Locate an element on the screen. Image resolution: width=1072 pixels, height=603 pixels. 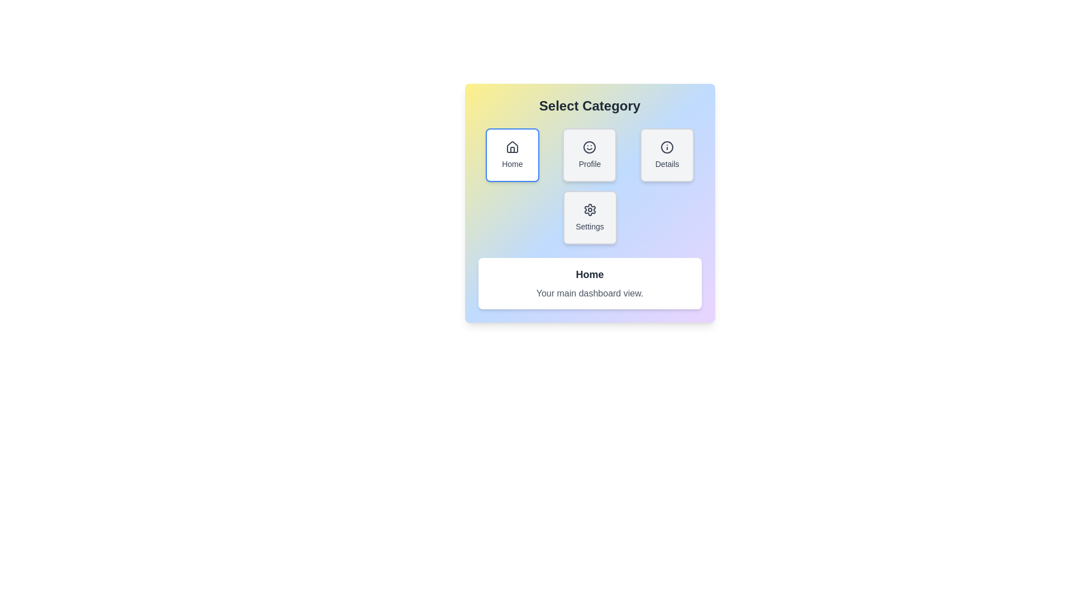
the interactive button-like card labeled 'Settings' located as the fourth item in the horizontal row under 'Select Category' is located at coordinates (589, 217).